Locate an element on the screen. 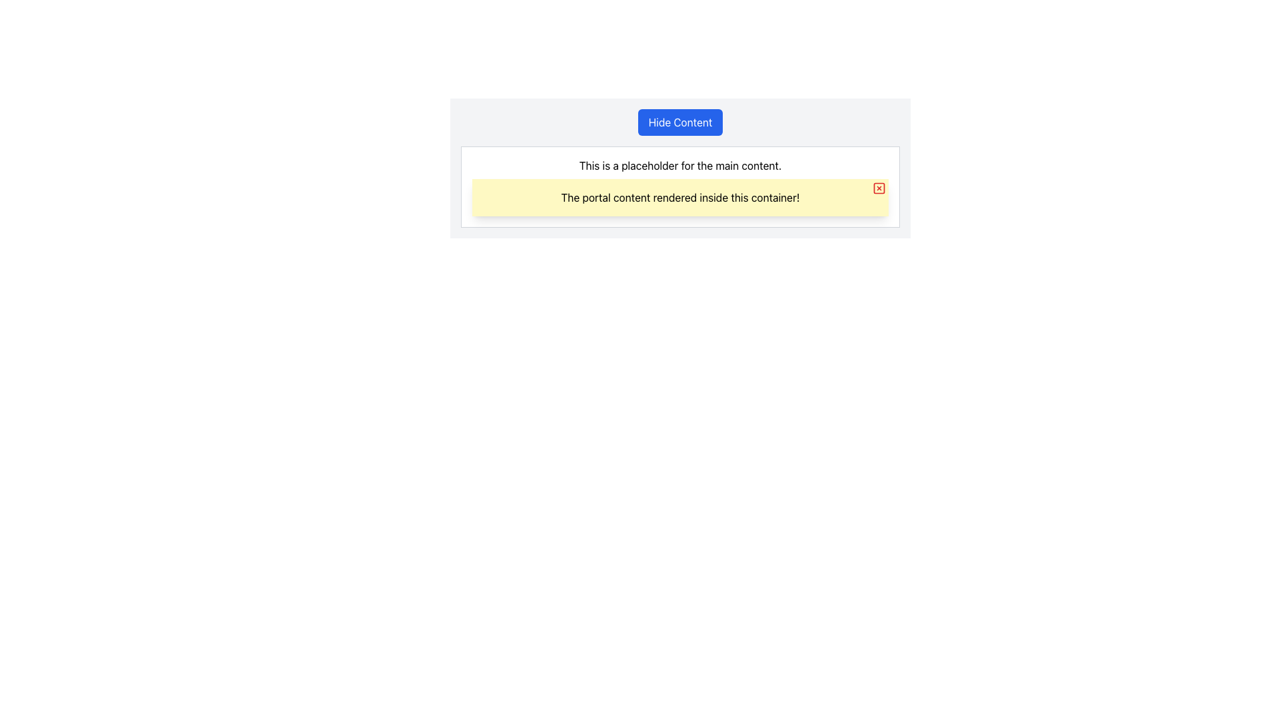 This screenshot has height=719, width=1279. the red X icon button is located at coordinates (879, 188).